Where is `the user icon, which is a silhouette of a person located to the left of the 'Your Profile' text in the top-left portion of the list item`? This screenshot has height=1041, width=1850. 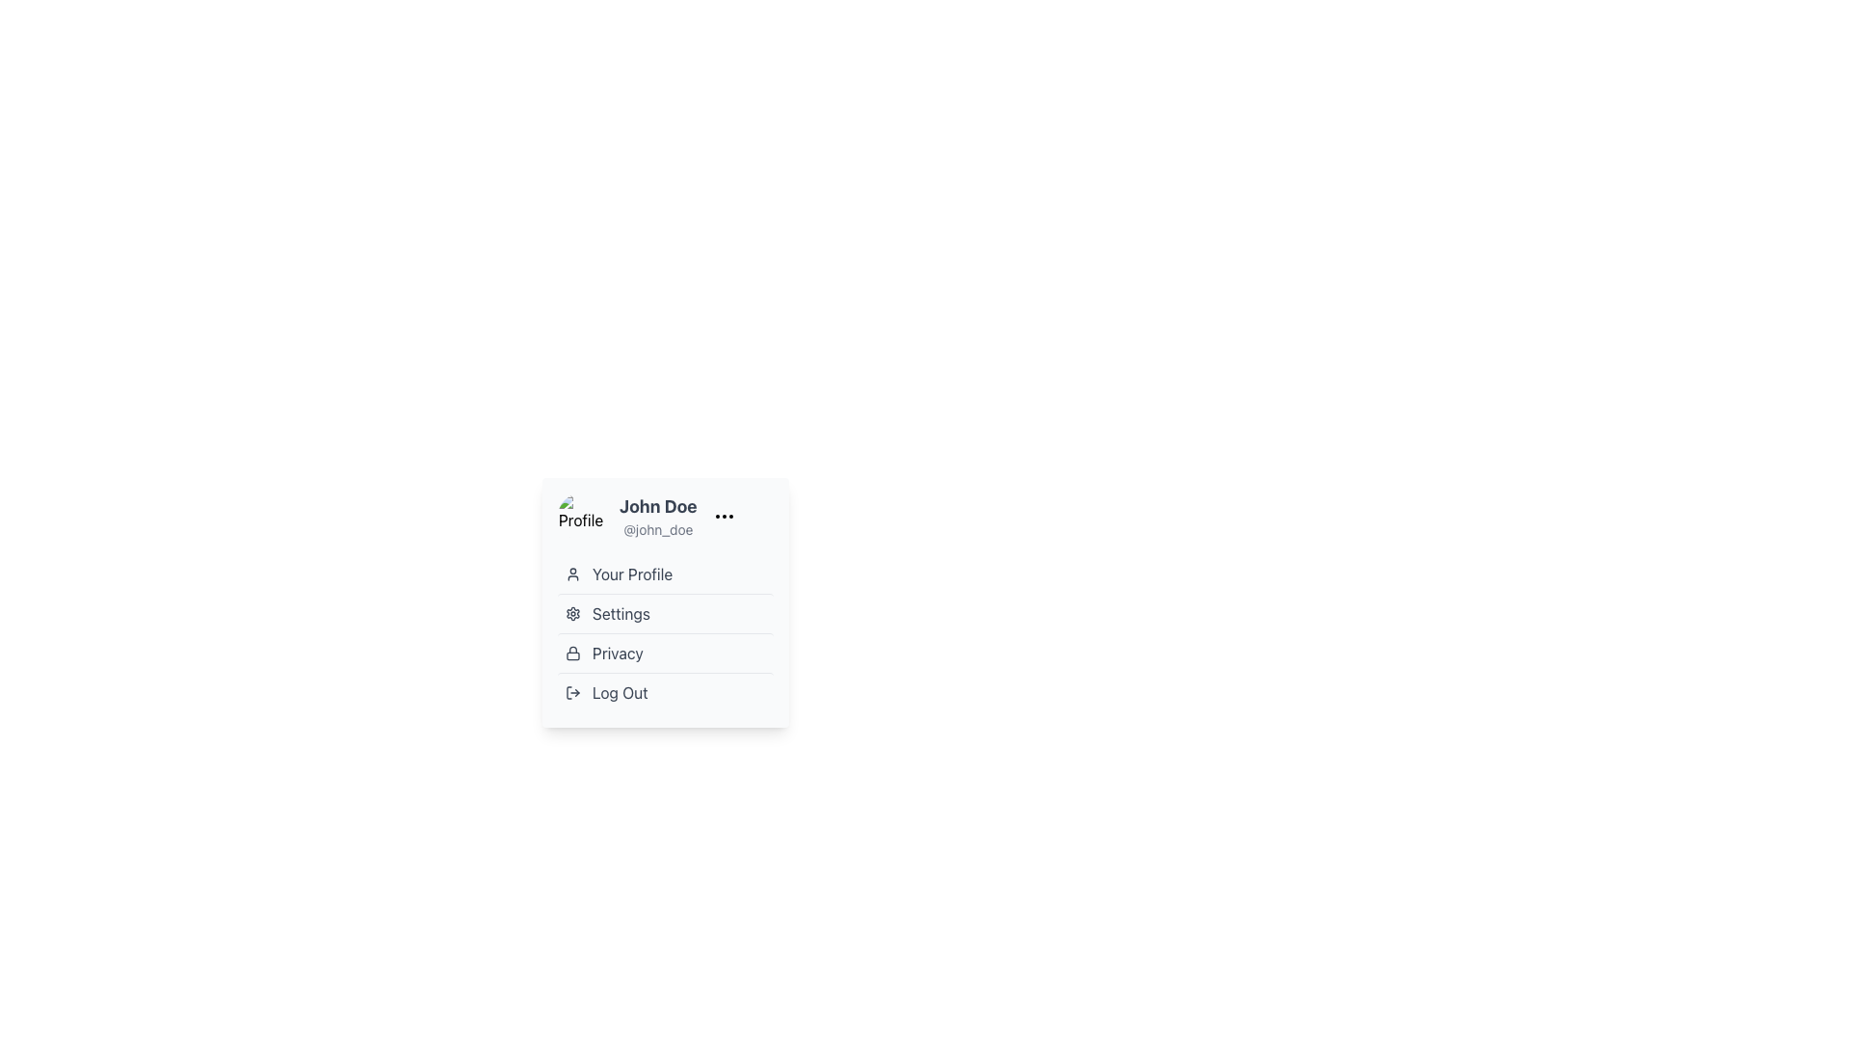
the user icon, which is a silhouette of a person located to the left of the 'Your Profile' text in the top-left portion of the list item is located at coordinates (572, 574).